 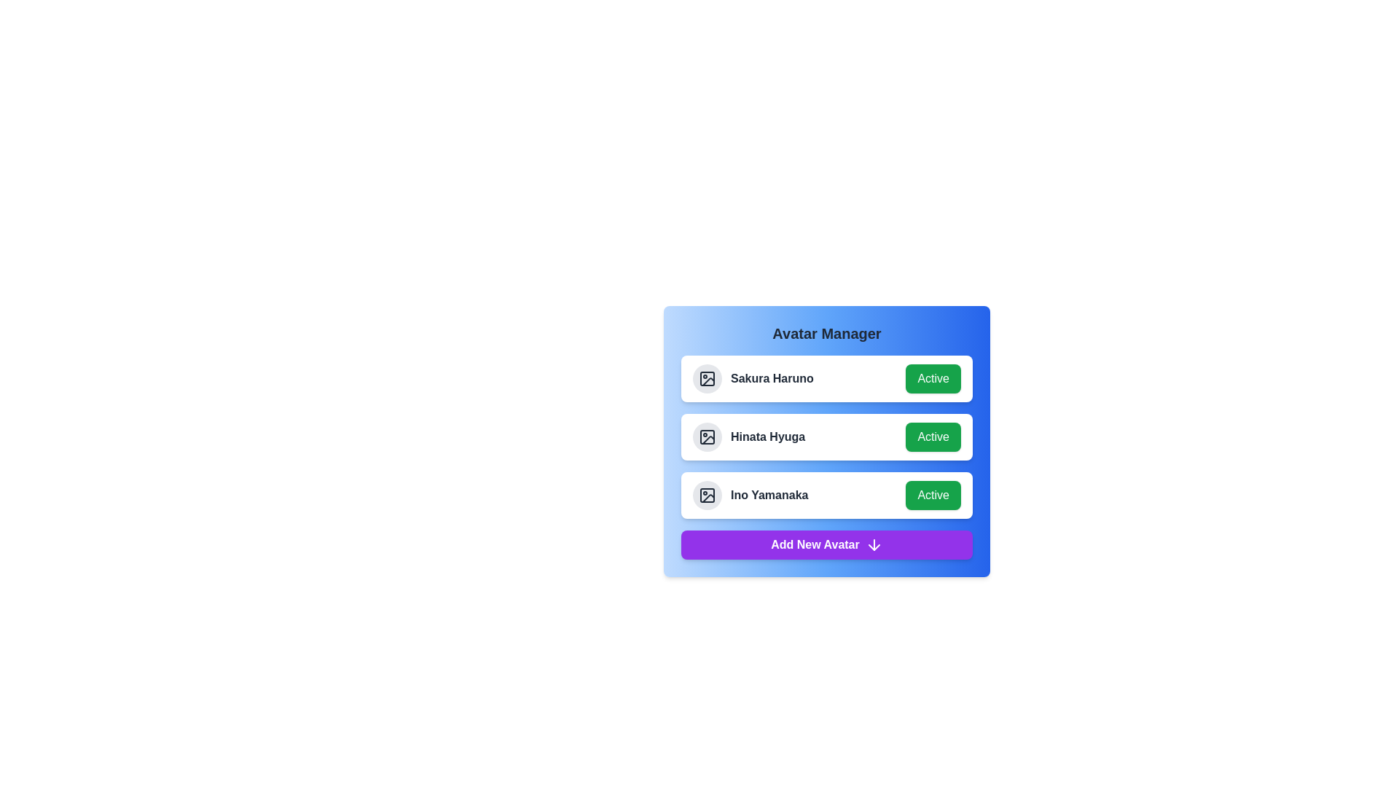 I want to click on the Profile Placeholder Icon located in the third row of the user listing, immediately to the left of the name 'Ino Yamanaka', so click(x=707, y=494).